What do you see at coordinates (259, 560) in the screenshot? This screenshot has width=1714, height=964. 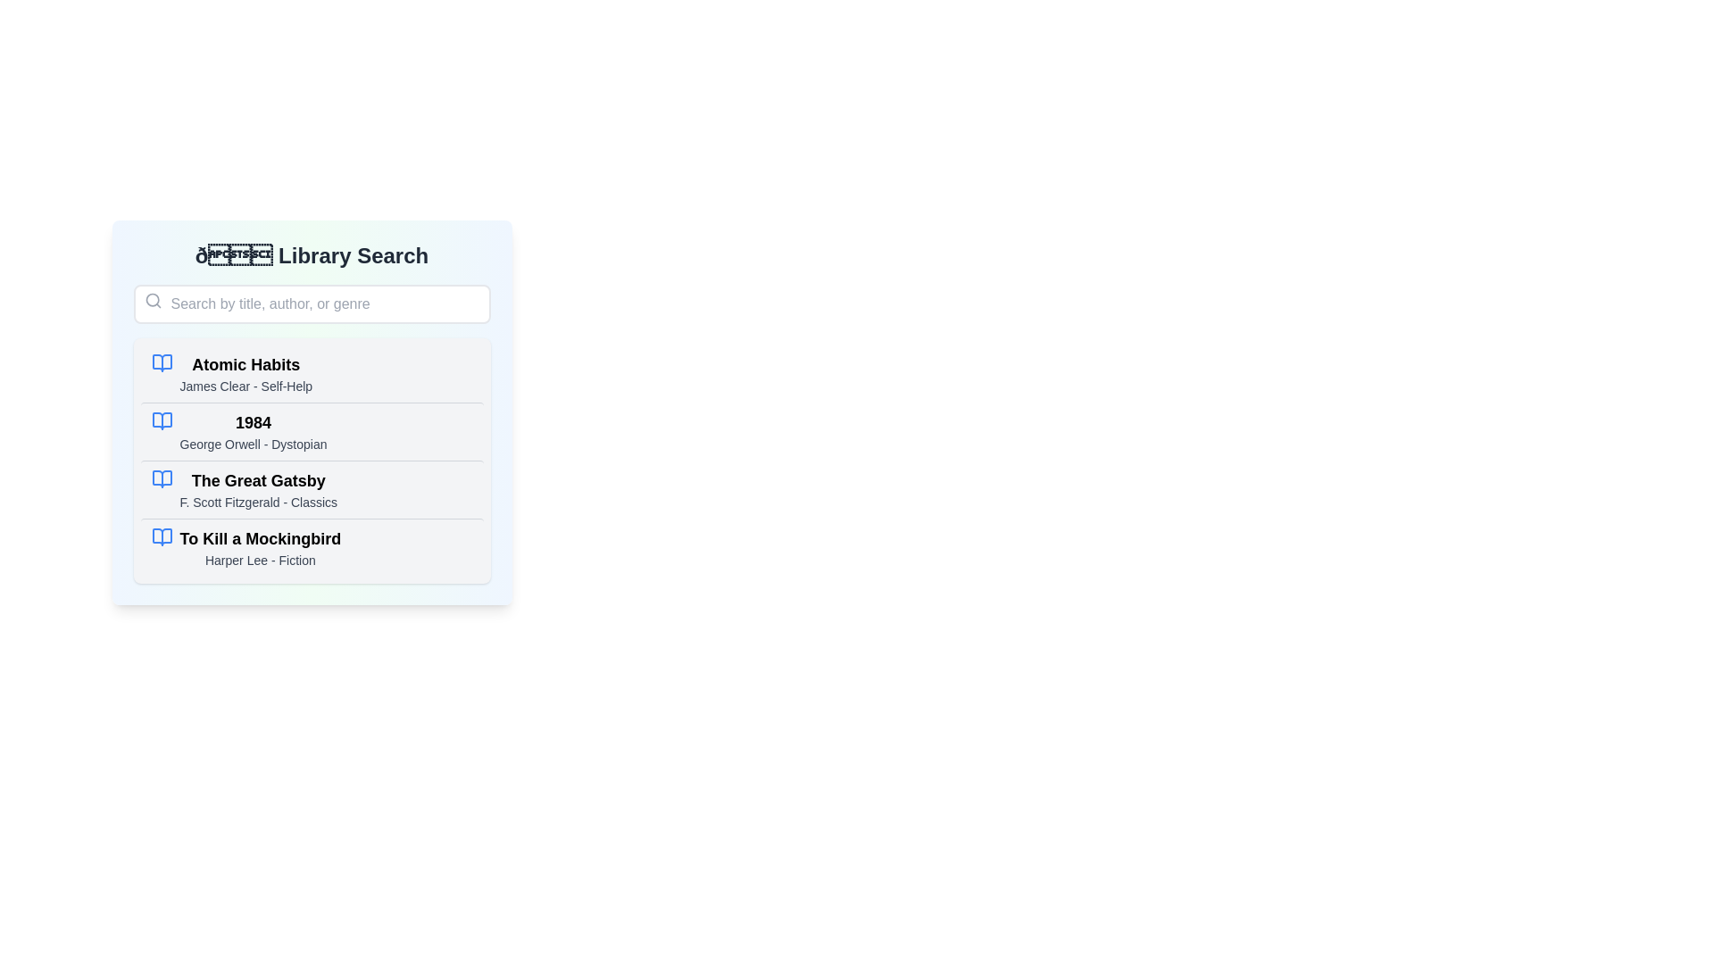 I see `the text label that displays 'Harper Lee - Fiction', which is styled in gray and located directly beneath 'To Kill a Mockingbird' in the book entry list` at bounding box center [259, 560].